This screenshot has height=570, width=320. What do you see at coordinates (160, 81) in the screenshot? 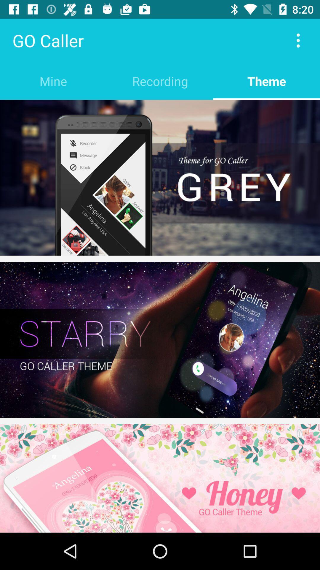
I see `the item to the left of the theme icon` at bounding box center [160, 81].